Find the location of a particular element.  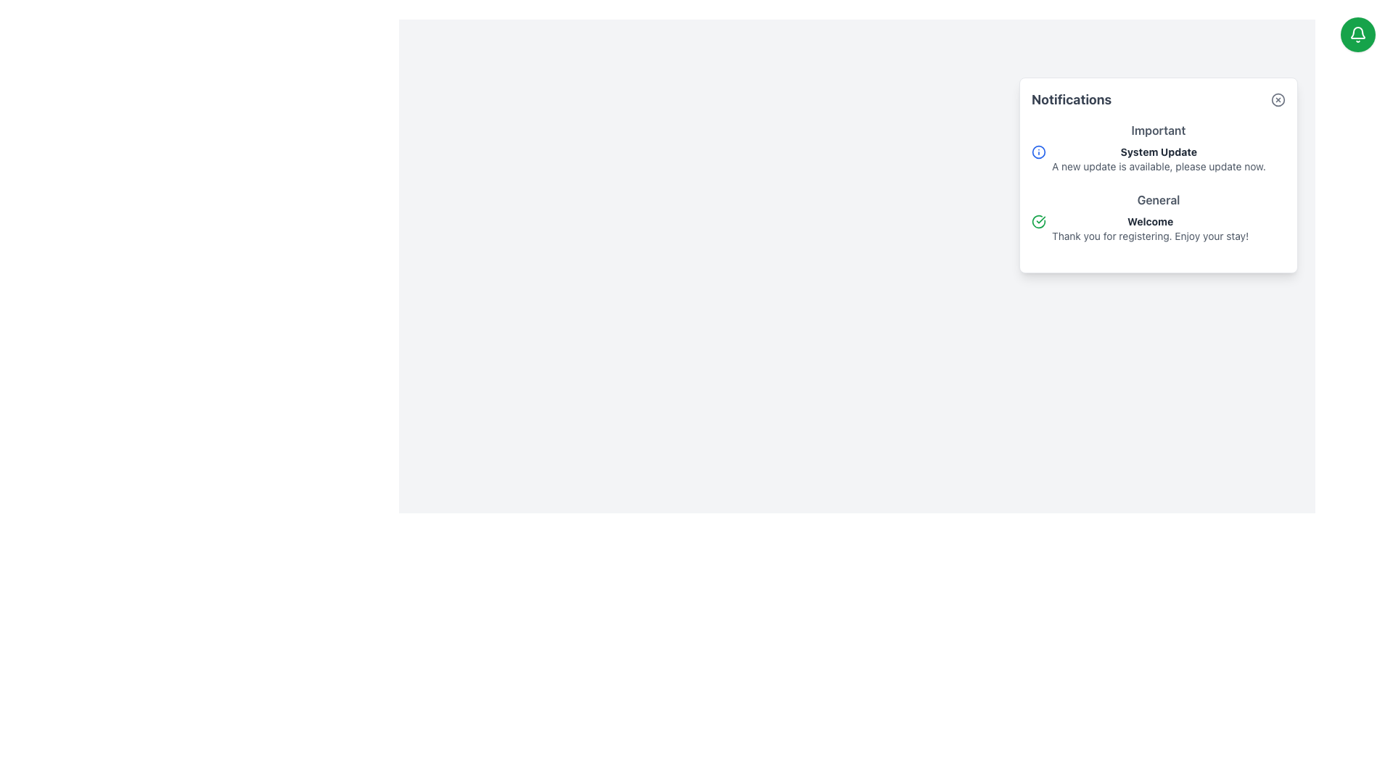

the greeting header text label in the 'General' section of the notifications card, which is located directly above the phrase 'Thank you for registering. Enjoy your stay!' is located at coordinates (1149, 221).